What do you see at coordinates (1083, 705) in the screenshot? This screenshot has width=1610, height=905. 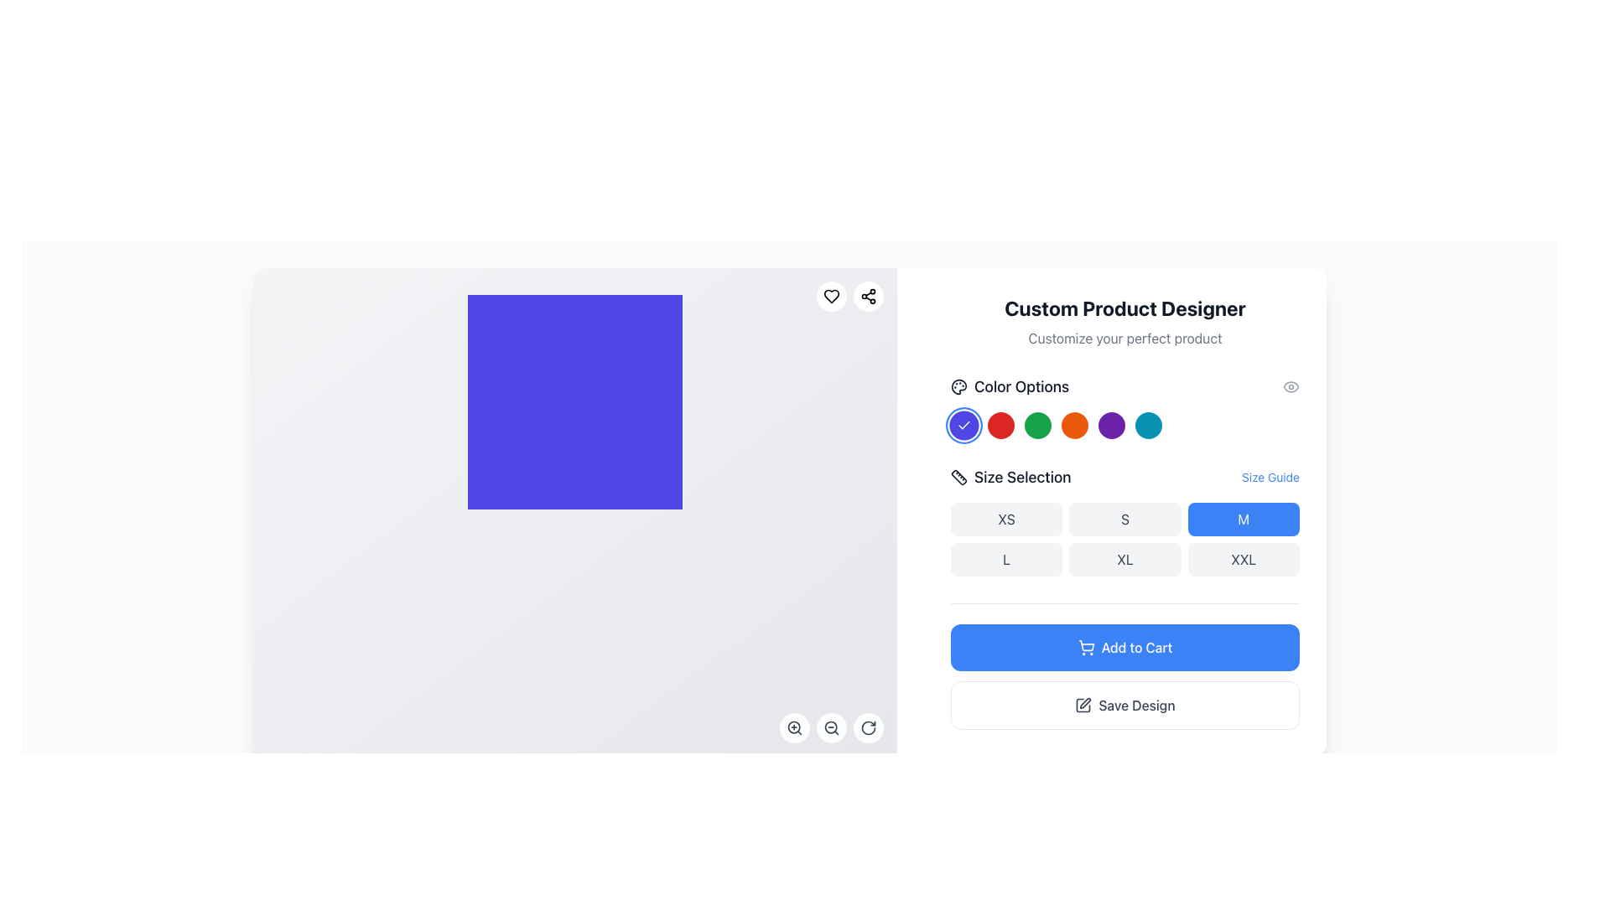 I see `the minimalist pen icon located within the 'Save Design' button, positioned to the left of the text and centered vertically` at bounding box center [1083, 705].